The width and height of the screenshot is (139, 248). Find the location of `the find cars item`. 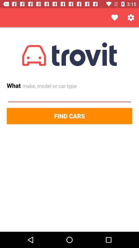

the find cars item is located at coordinates (69, 116).